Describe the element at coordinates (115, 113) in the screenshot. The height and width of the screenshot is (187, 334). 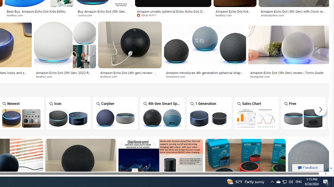
I see `'Carpher'` at that location.